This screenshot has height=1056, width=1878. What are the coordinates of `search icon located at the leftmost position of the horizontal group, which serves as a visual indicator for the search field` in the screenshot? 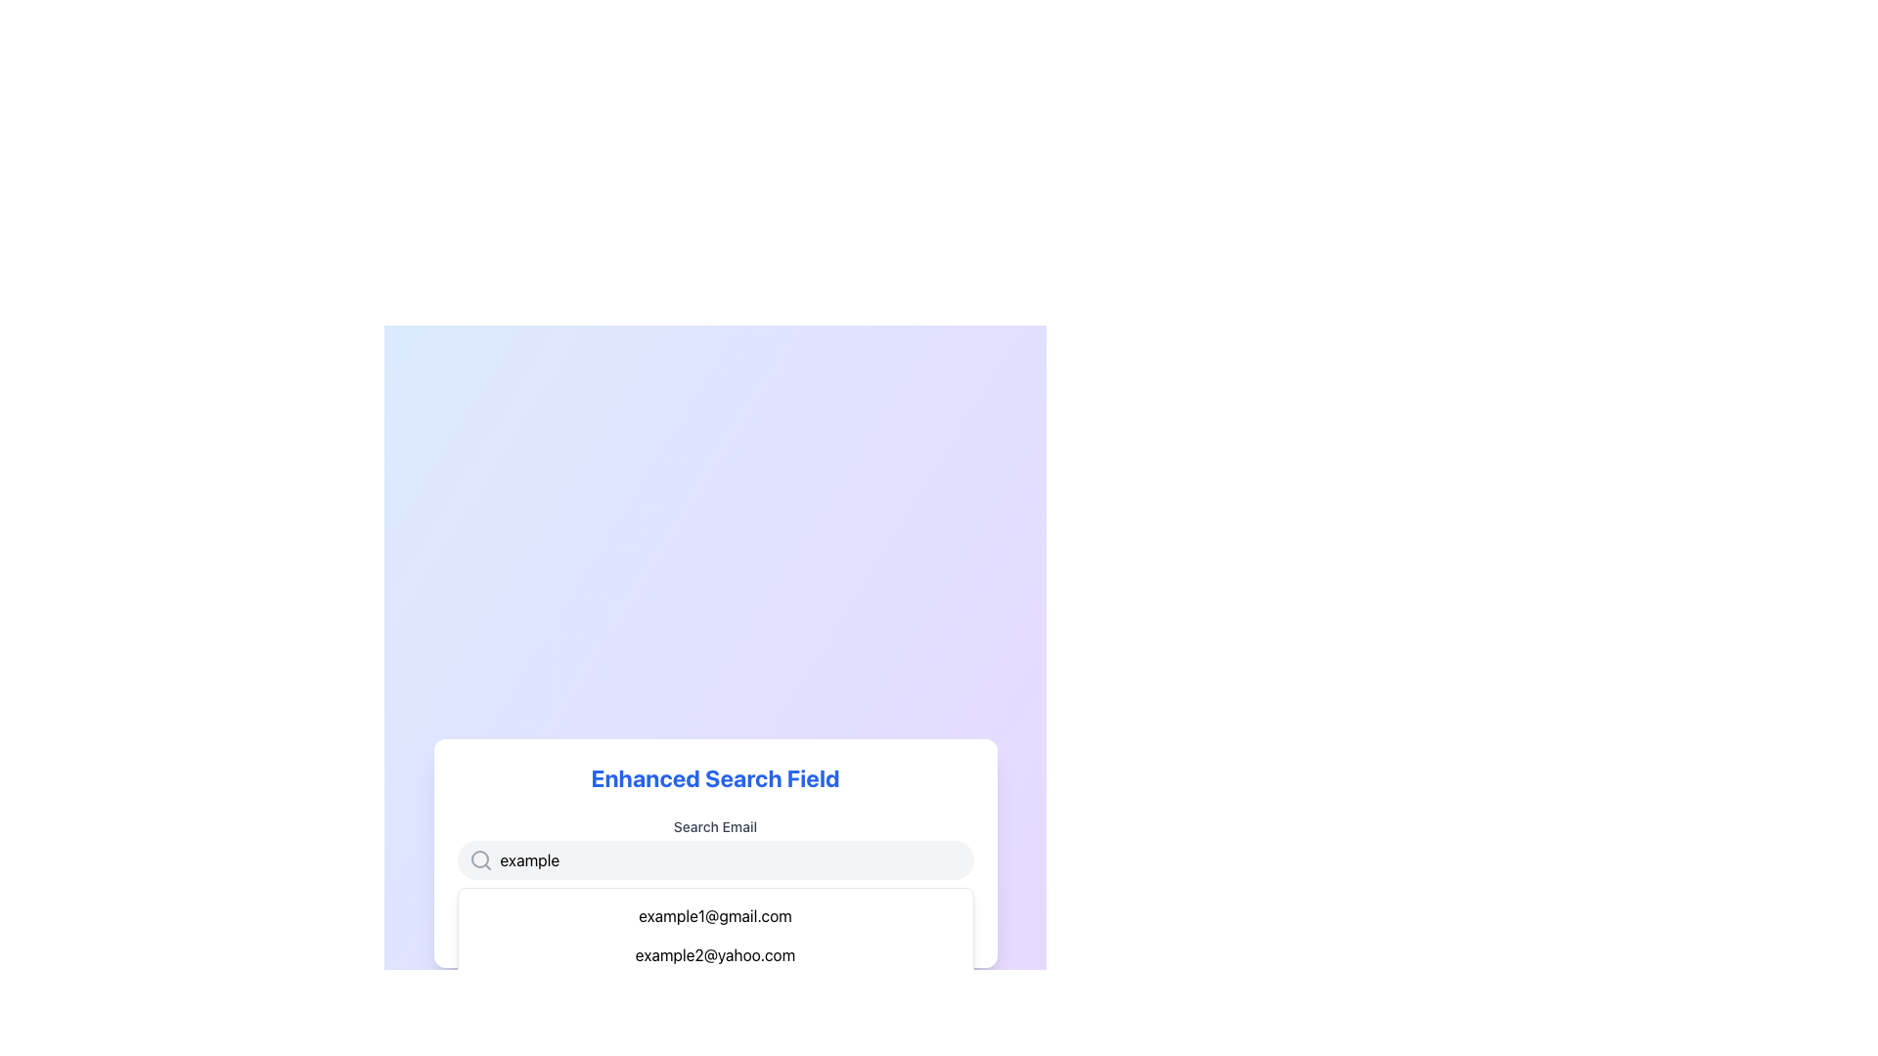 It's located at (480, 859).